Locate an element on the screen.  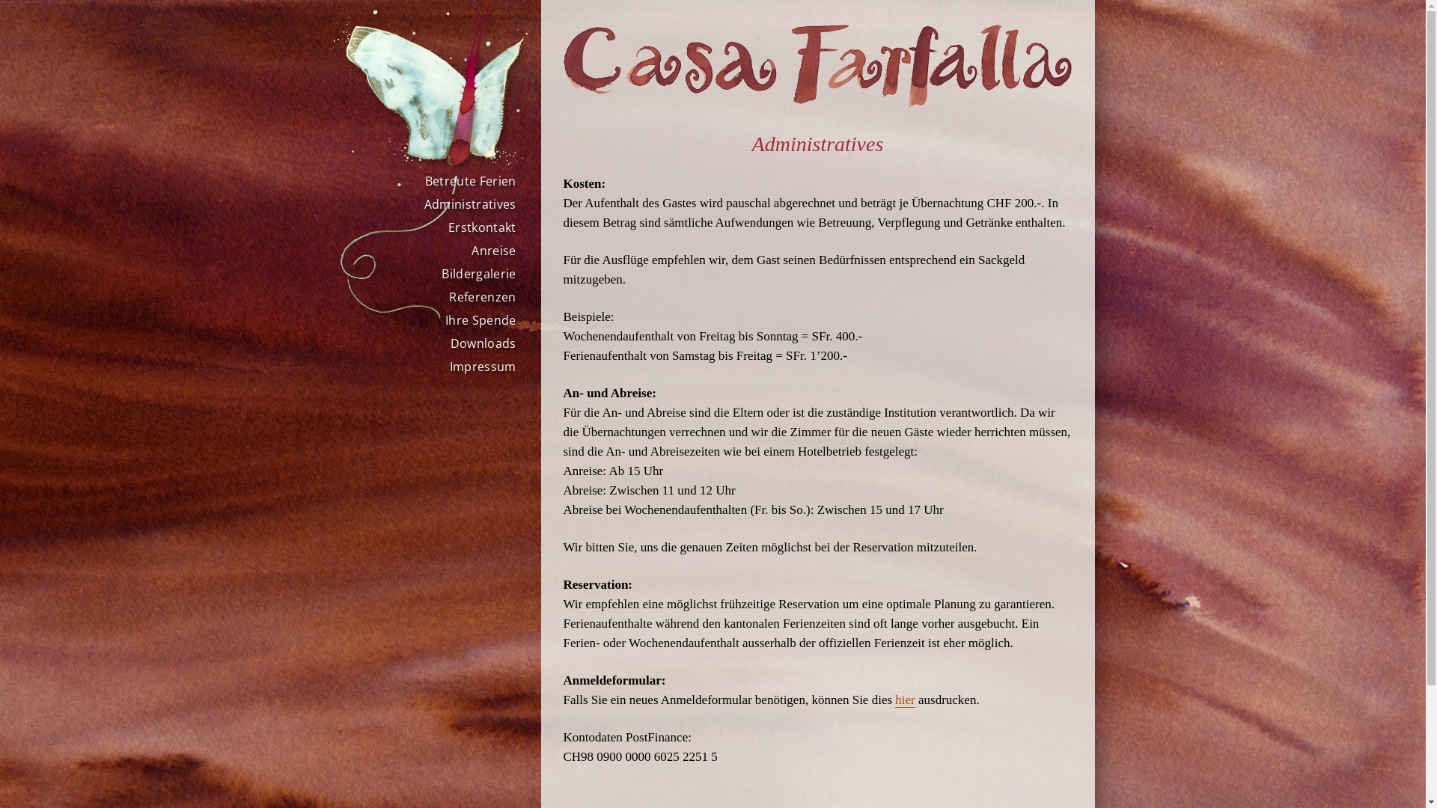
'Referenzen' is located at coordinates (482, 297).